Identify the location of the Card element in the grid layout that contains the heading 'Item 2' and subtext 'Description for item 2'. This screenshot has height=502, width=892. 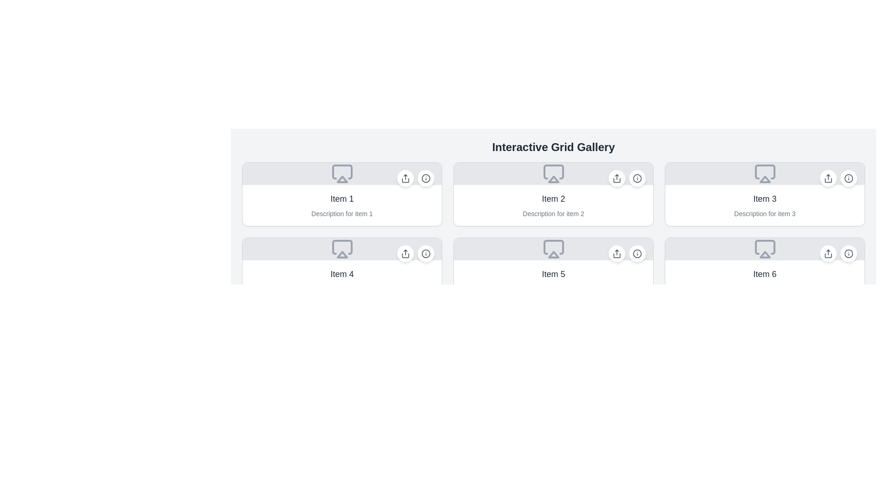
(553, 193).